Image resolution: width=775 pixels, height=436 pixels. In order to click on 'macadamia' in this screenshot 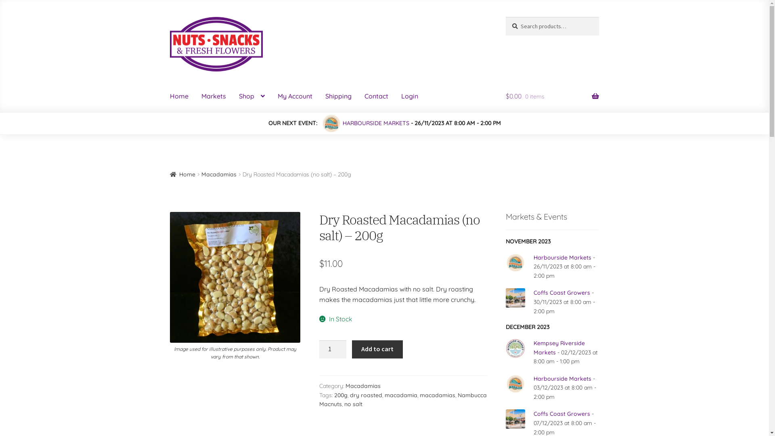, I will do `click(401, 395)`.